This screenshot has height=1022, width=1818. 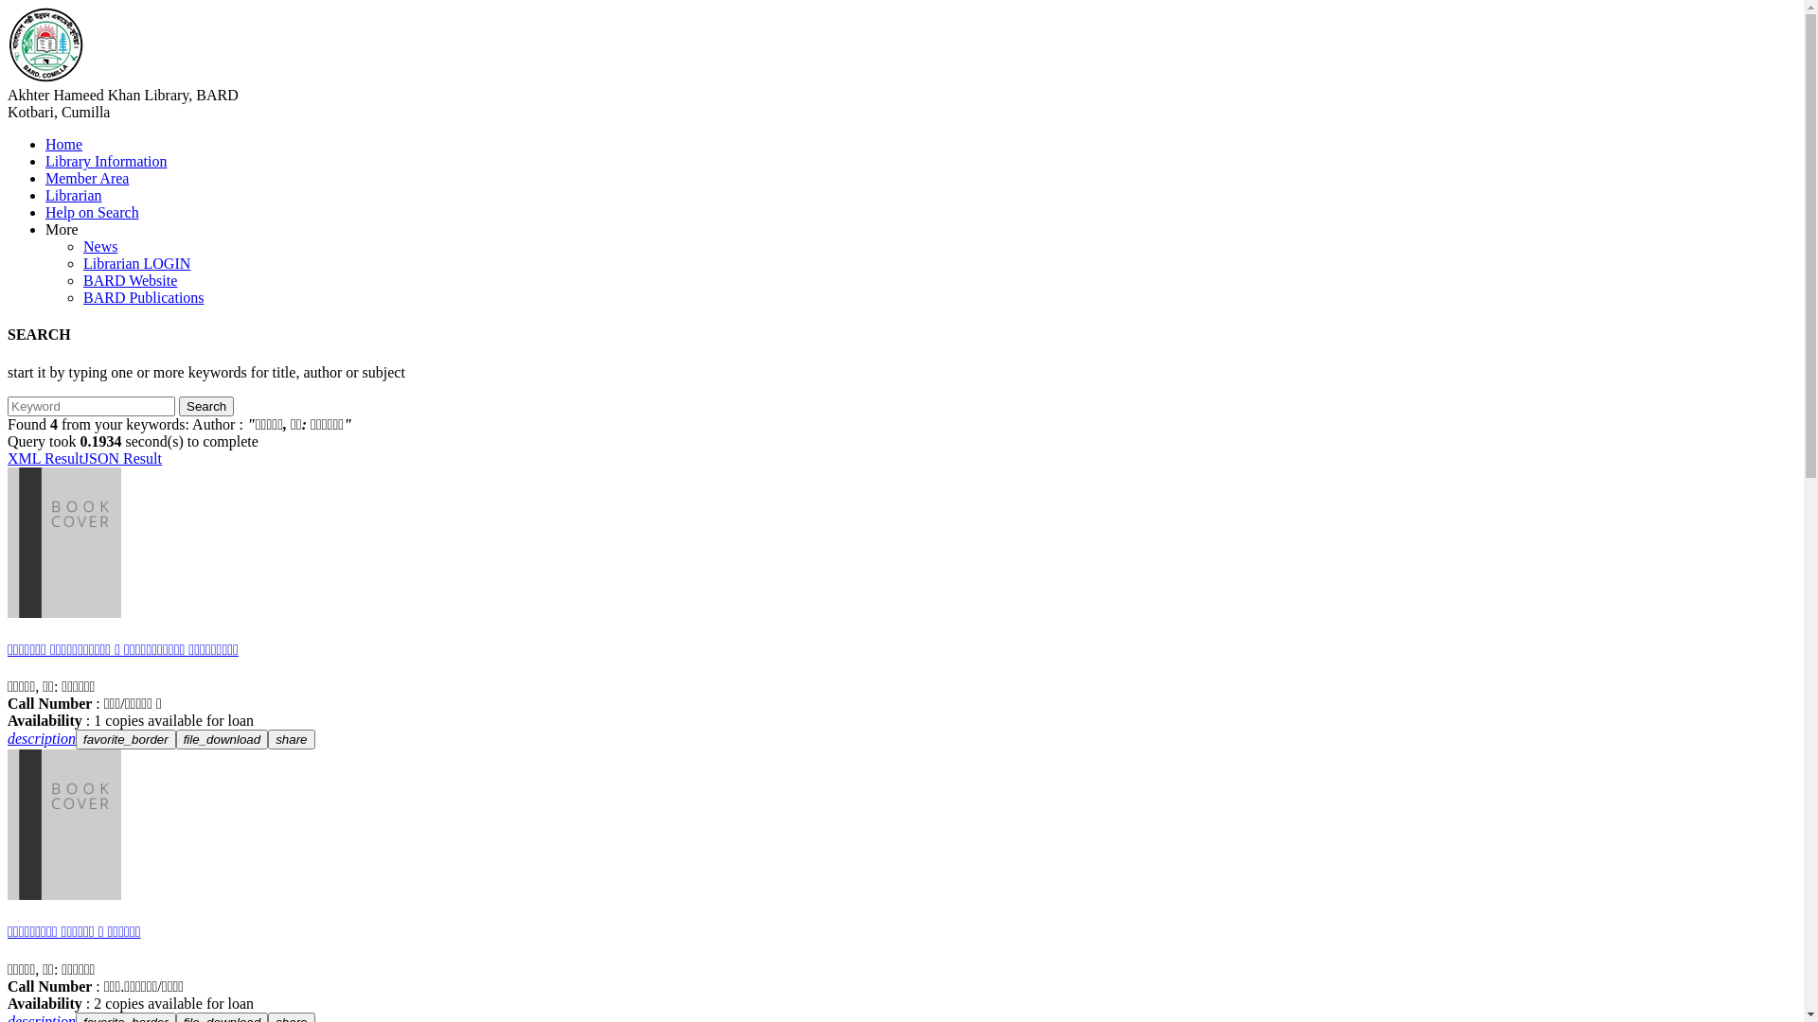 What do you see at coordinates (129, 280) in the screenshot?
I see `'BARD Website'` at bounding box center [129, 280].